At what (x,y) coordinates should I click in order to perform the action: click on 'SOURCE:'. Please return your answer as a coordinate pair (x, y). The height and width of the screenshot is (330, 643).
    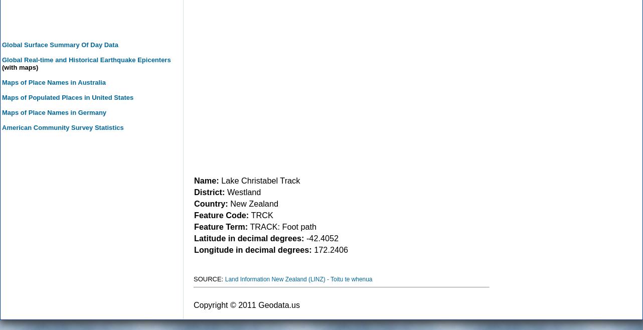
    Looking at the image, I should click on (209, 278).